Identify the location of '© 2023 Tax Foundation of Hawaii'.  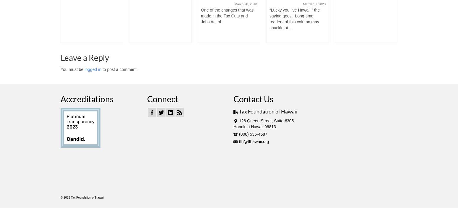
(60, 197).